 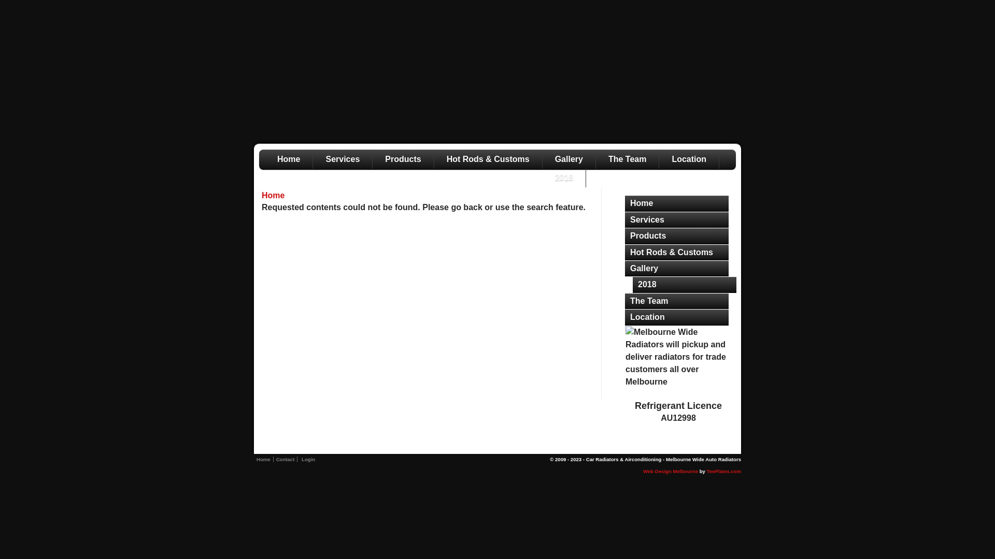 What do you see at coordinates (624, 203) in the screenshot?
I see `'Home'` at bounding box center [624, 203].